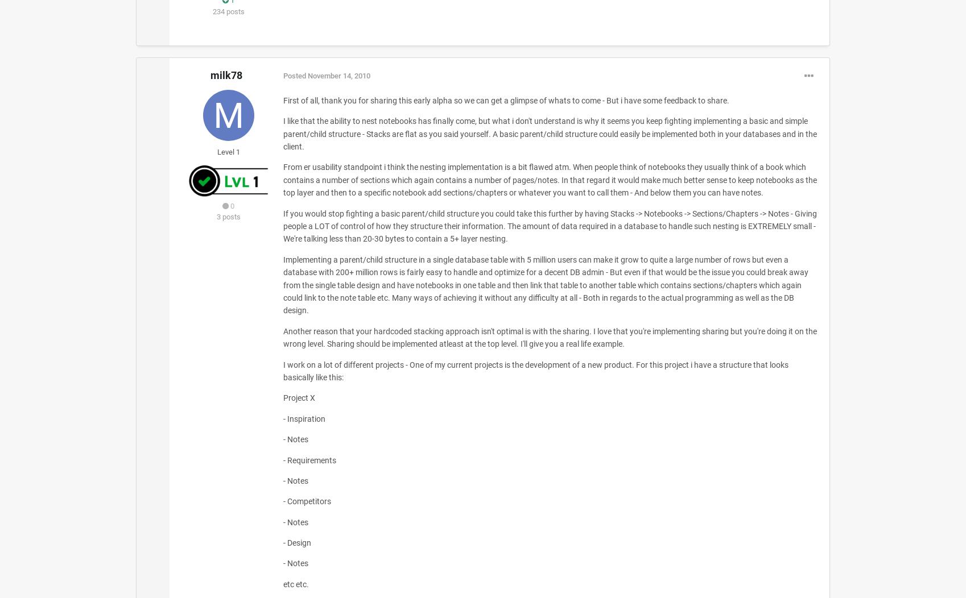  I want to click on 'I like that the ability to nest notebooks has finally come, but what i don't understand is why it seems you keep fighting implementing a basic and simple parent/child structure - Stacks are flat as you said yourself. A basic parent/child structure could easily be implemented both in your databases and in the client.', so click(282, 133).